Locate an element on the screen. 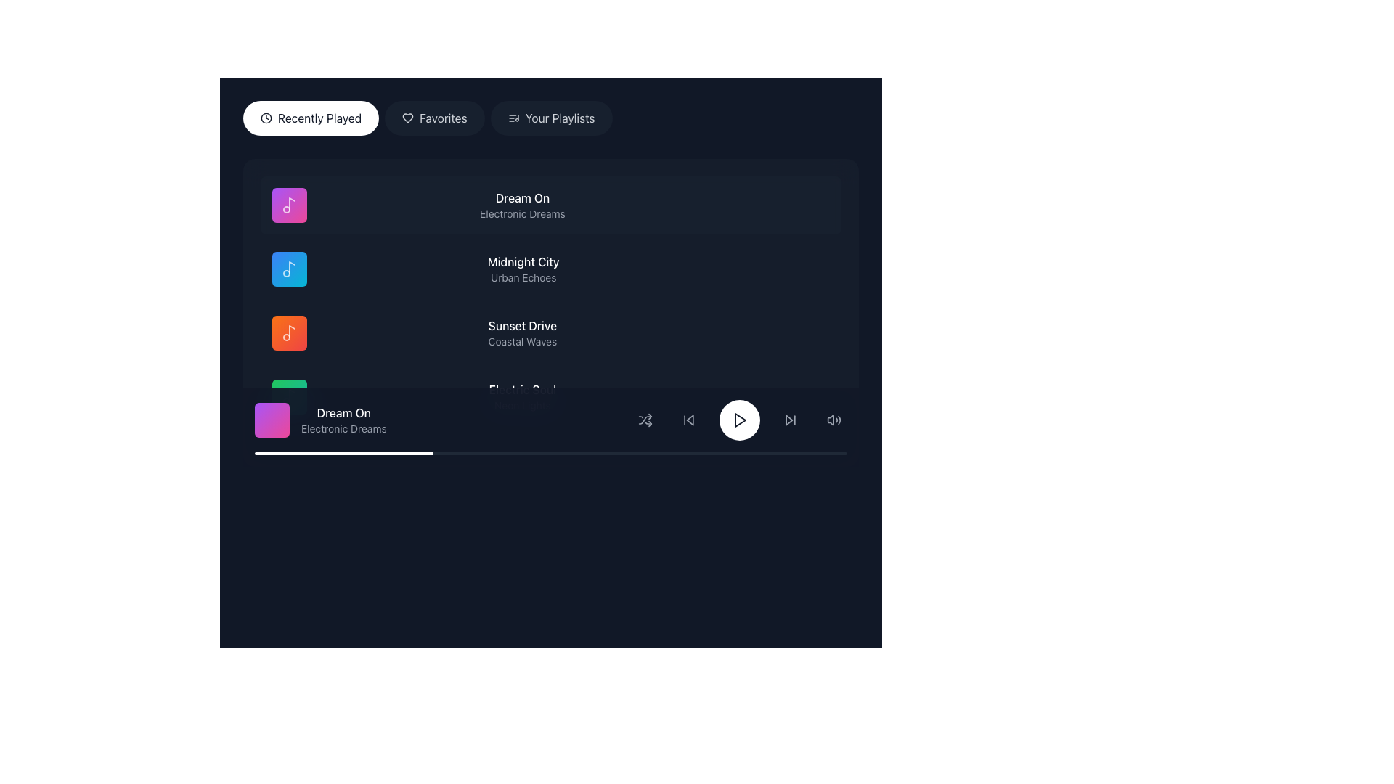 The width and height of the screenshot is (1394, 784). the Media Control Bar located at the bottom of the page is located at coordinates (550, 420).